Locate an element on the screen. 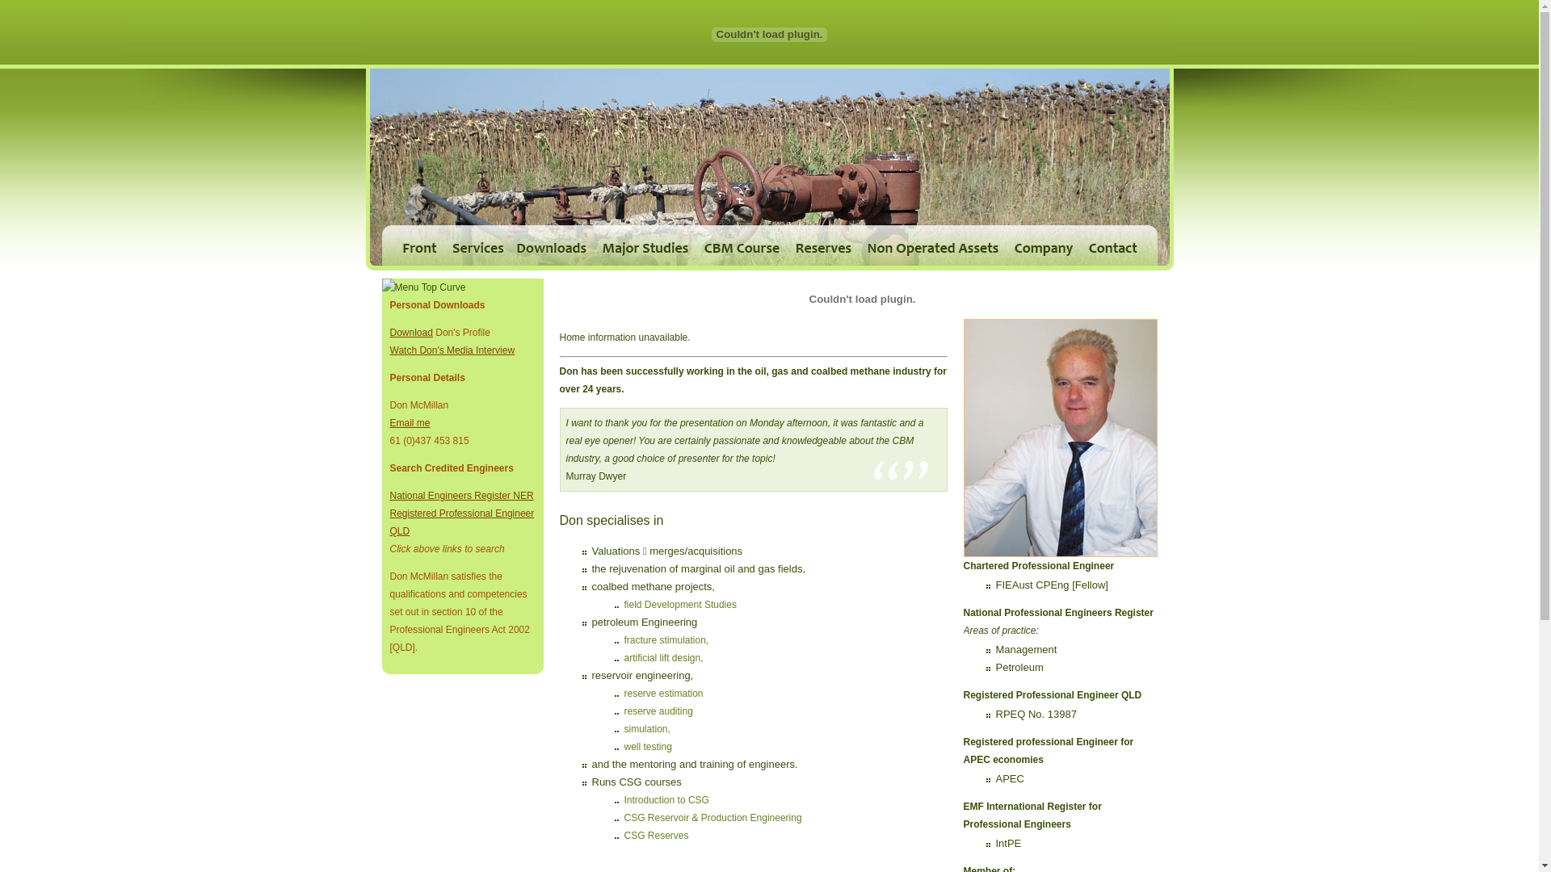 The height and width of the screenshot is (872, 1551). 'downloads' is located at coordinates (507, 245).